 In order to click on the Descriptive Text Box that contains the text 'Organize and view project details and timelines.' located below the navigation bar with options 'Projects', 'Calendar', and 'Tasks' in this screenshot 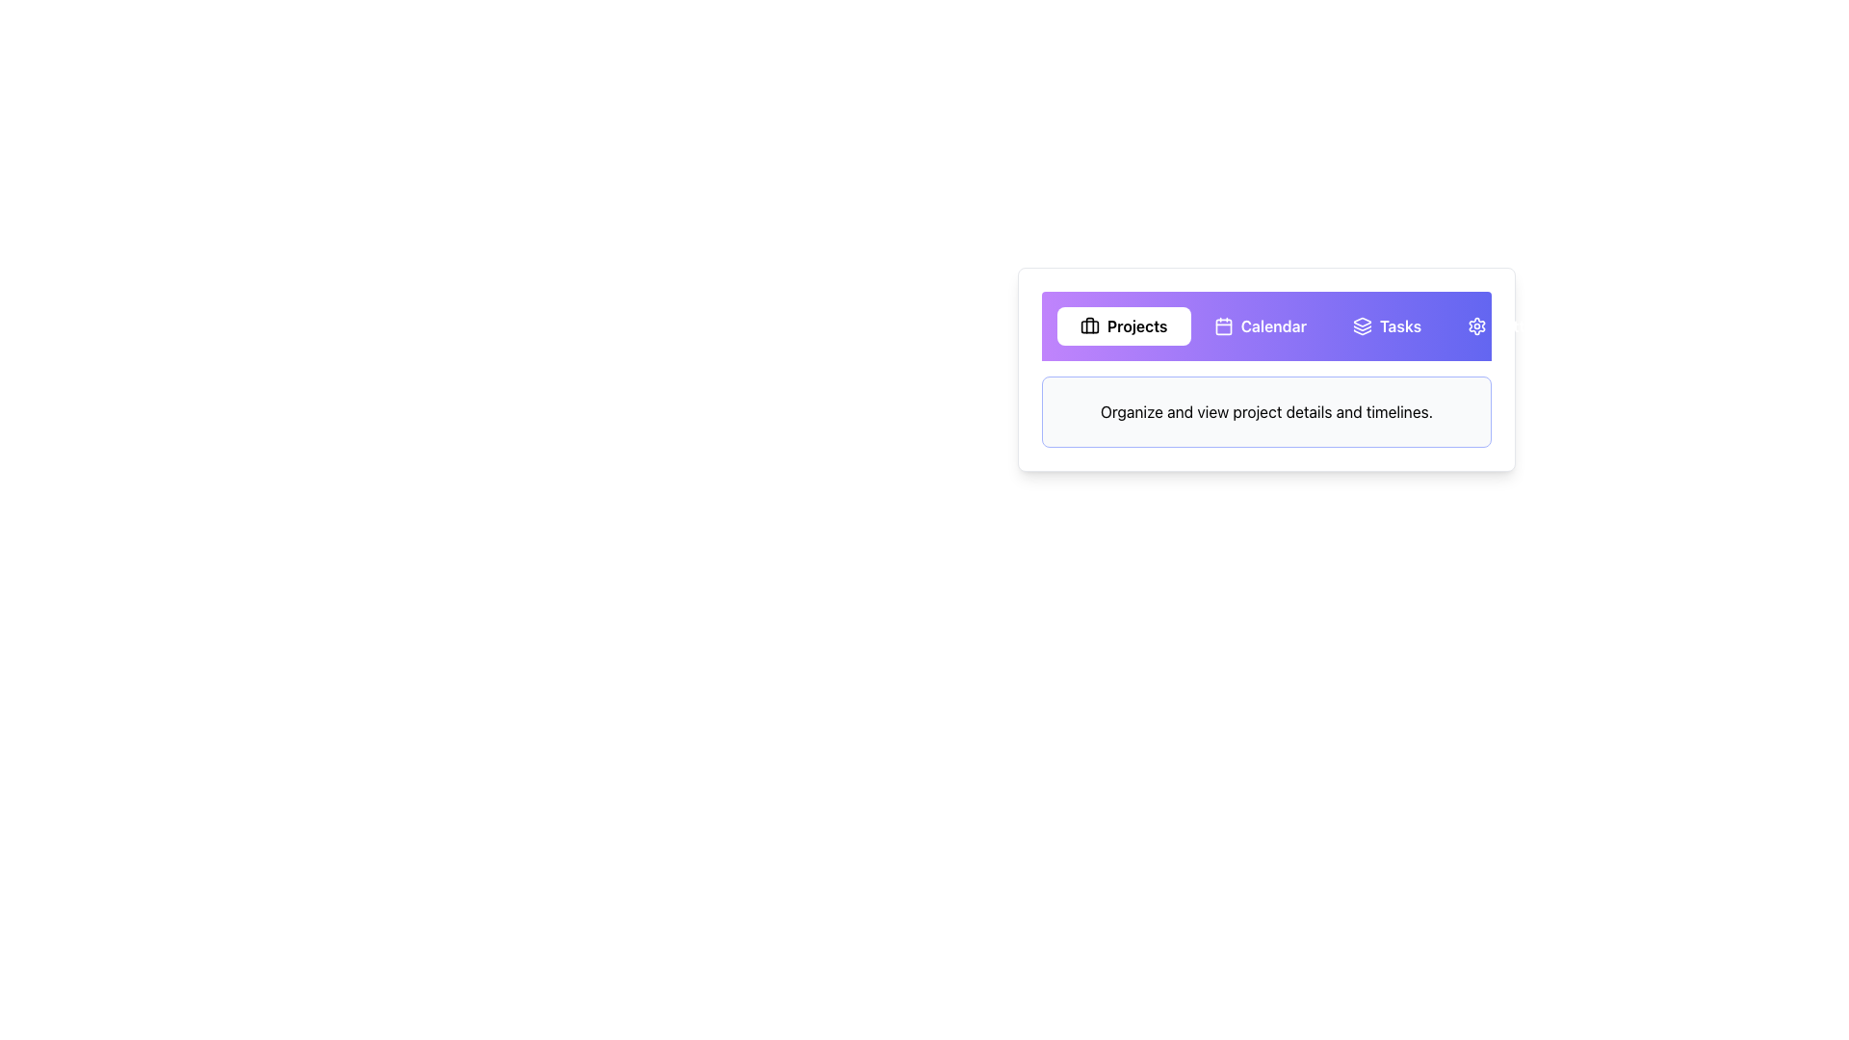, I will do `click(1266, 411)`.